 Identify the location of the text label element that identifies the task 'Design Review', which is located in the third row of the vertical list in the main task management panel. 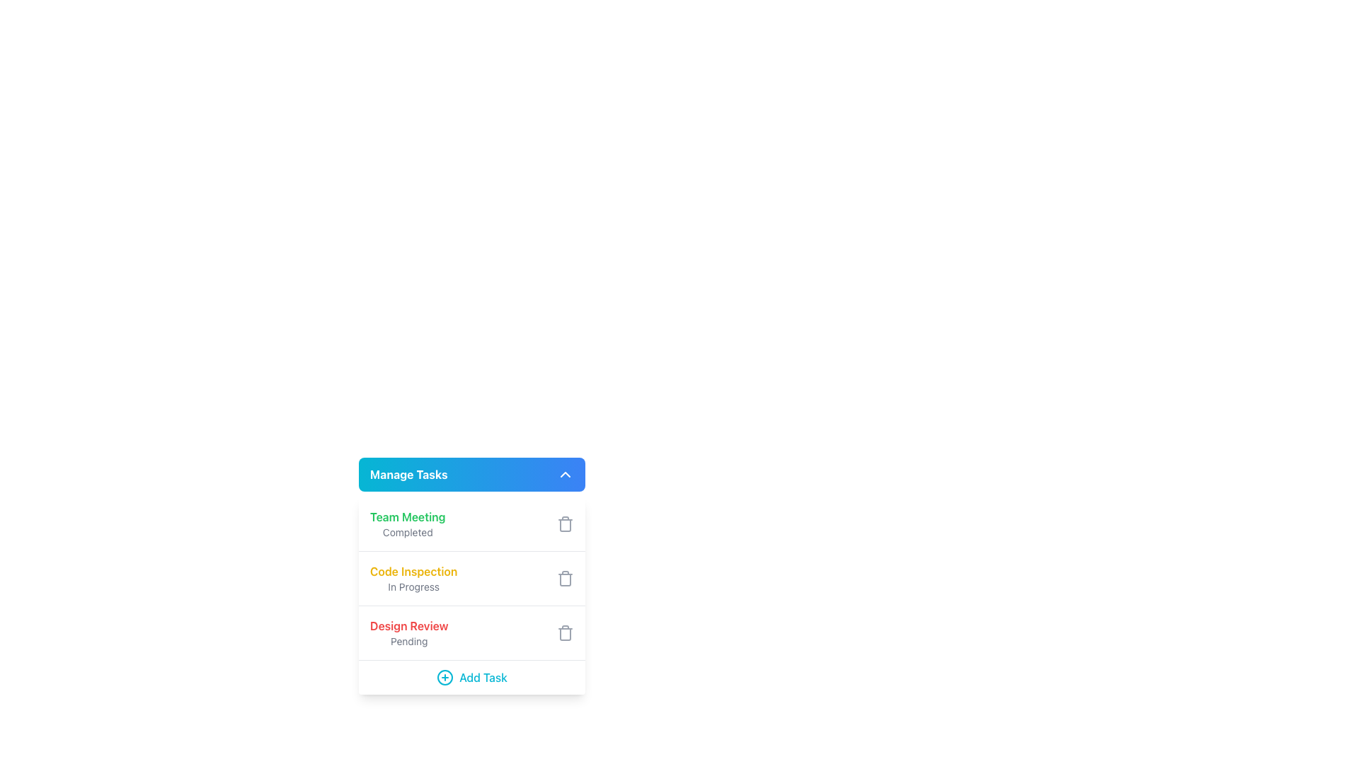
(408, 625).